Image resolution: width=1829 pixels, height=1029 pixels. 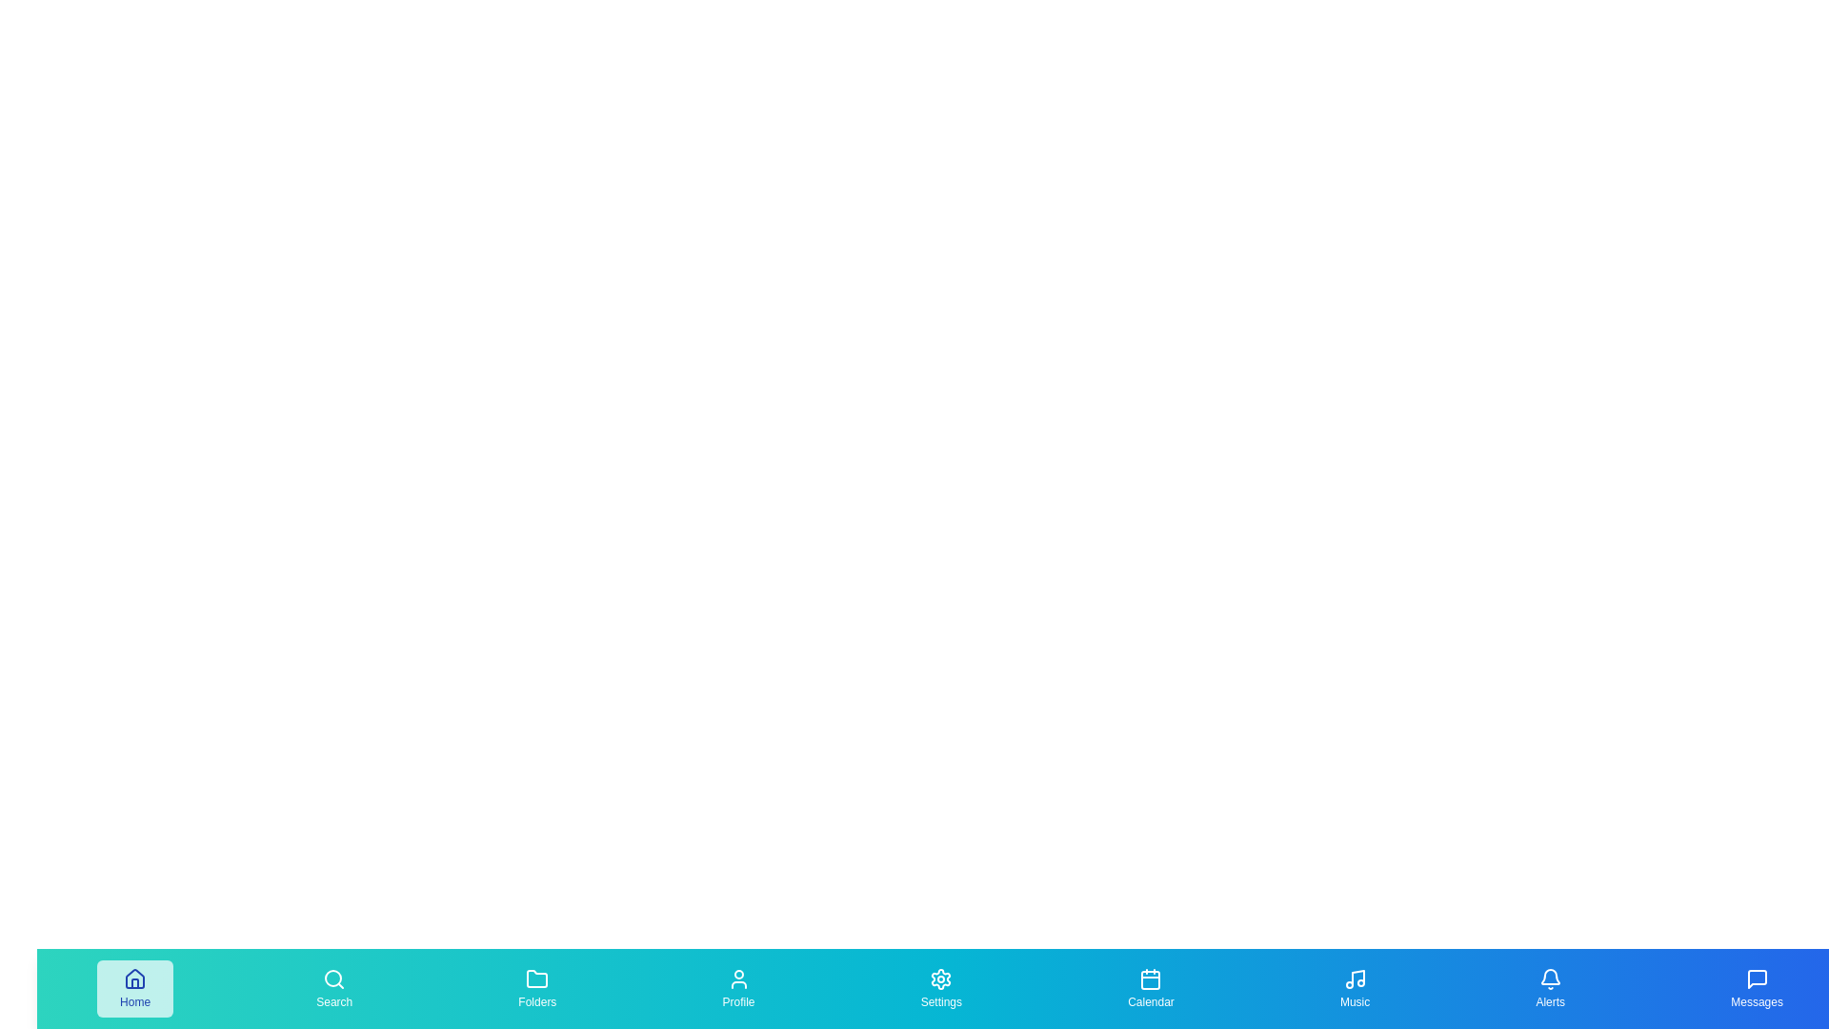 What do you see at coordinates (737, 987) in the screenshot?
I see `the 'Profile' tab in the bottom navigation bar` at bounding box center [737, 987].